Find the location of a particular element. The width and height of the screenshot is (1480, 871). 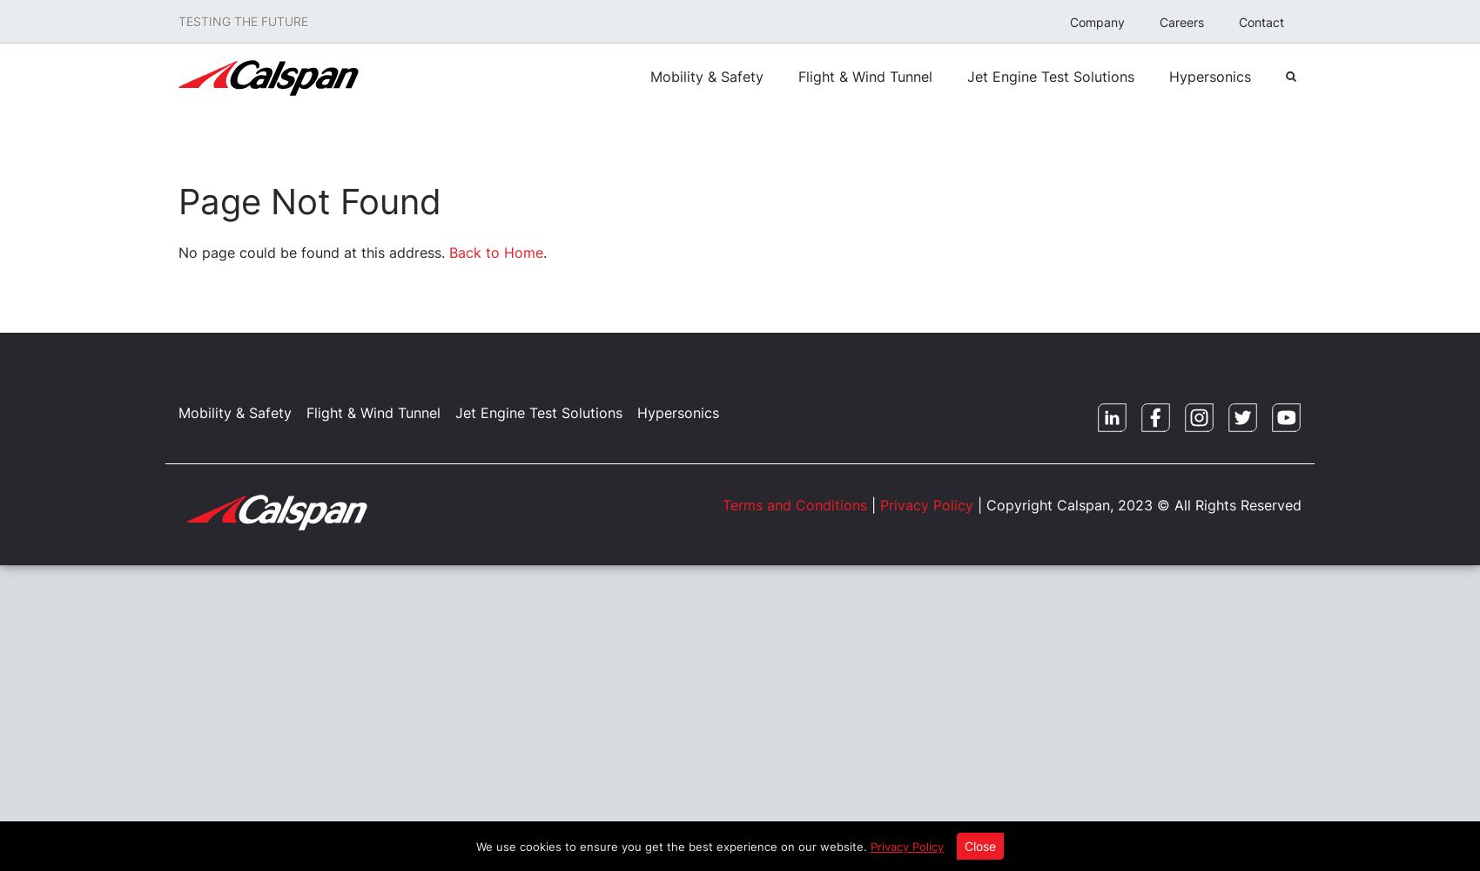

'No page could be found at this address.' is located at coordinates (178, 253).